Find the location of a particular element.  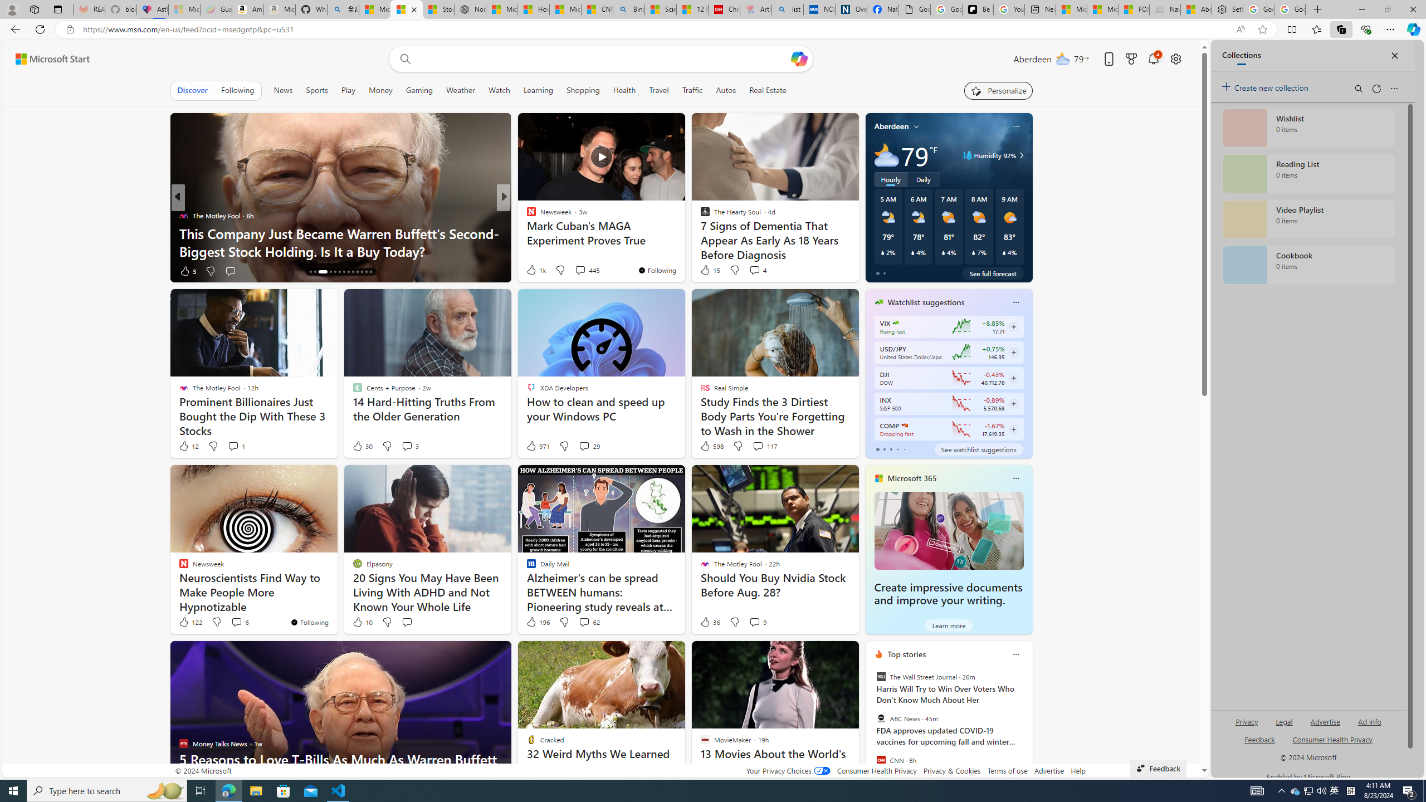

'Arthritis: Ask Health Professionals - Sleeping' is located at coordinates (756, 9).